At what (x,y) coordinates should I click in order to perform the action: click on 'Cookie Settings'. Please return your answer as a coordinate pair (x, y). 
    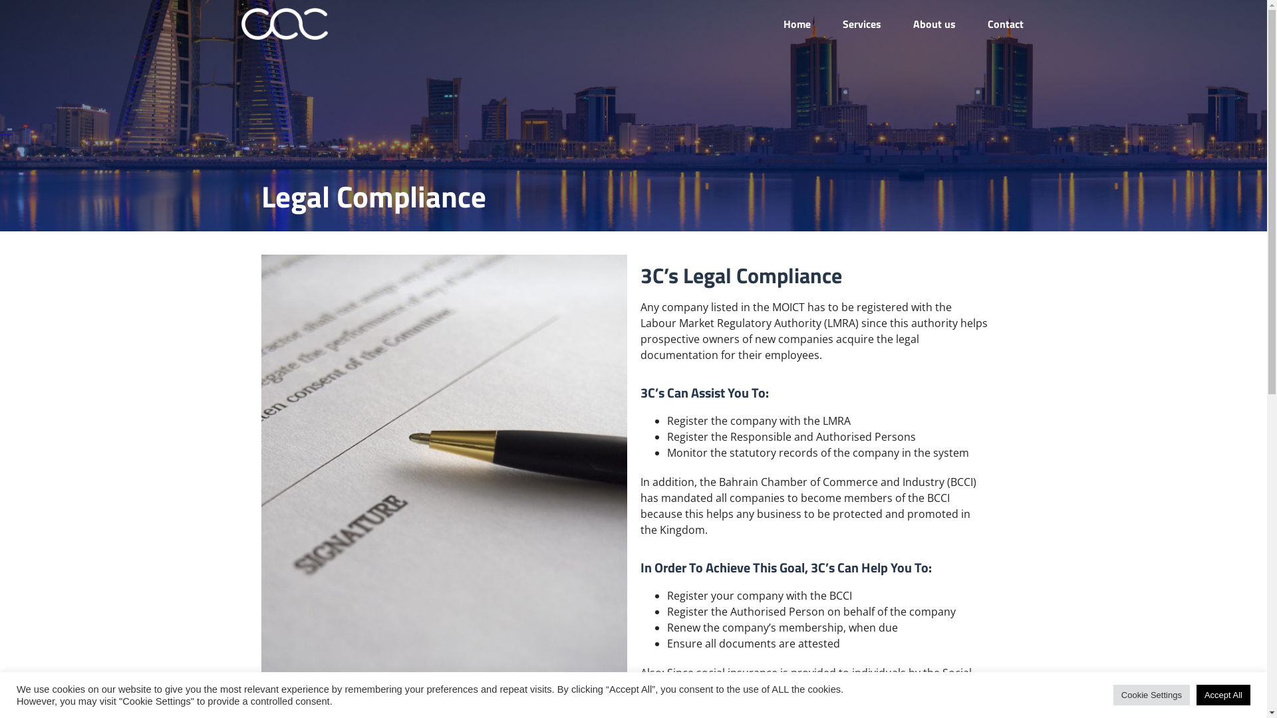
    Looking at the image, I should click on (1151, 694).